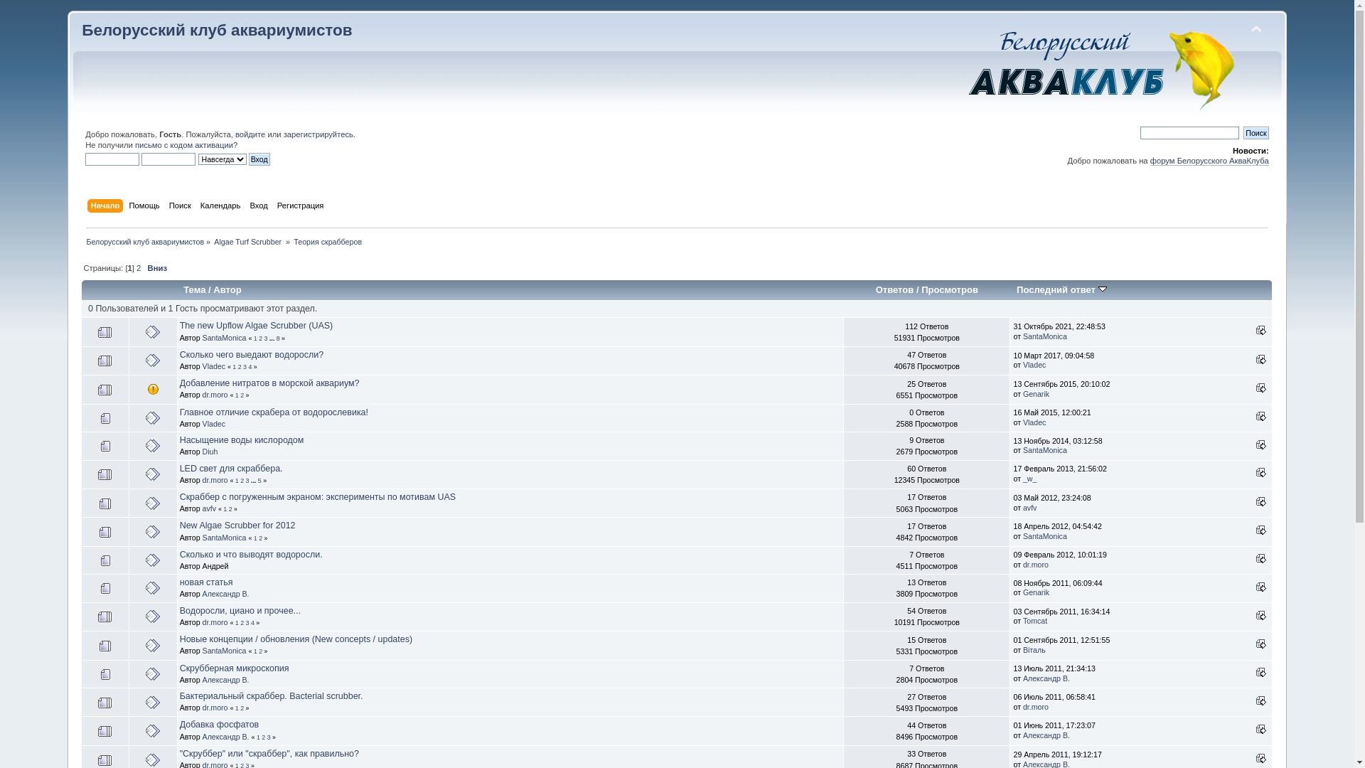 The image size is (1365, 768). Describe the element at coordinates (242, 708) in the screenshot. I see `'2'` at that location.